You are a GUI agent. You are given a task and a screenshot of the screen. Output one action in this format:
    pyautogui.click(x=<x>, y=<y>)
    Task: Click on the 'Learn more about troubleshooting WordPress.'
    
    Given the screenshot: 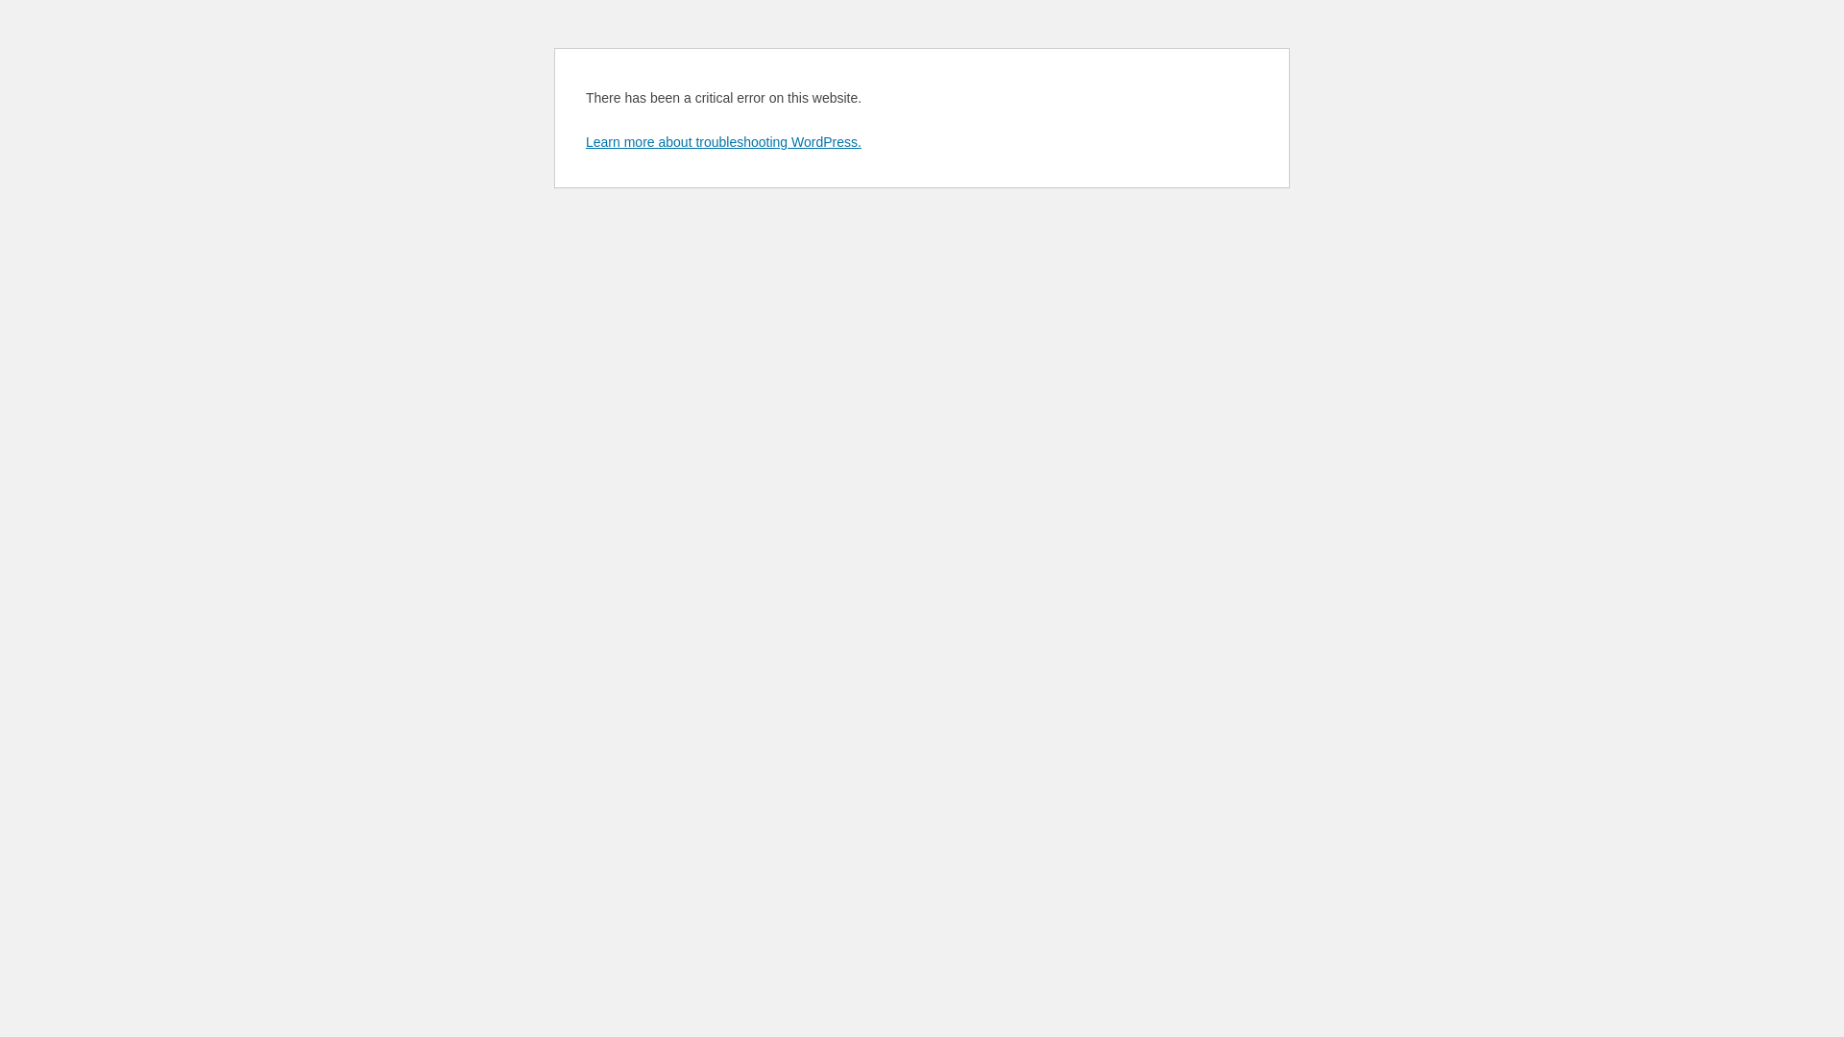 What is the action you would take?
    pyautogui.click(x=722, y=140)
    